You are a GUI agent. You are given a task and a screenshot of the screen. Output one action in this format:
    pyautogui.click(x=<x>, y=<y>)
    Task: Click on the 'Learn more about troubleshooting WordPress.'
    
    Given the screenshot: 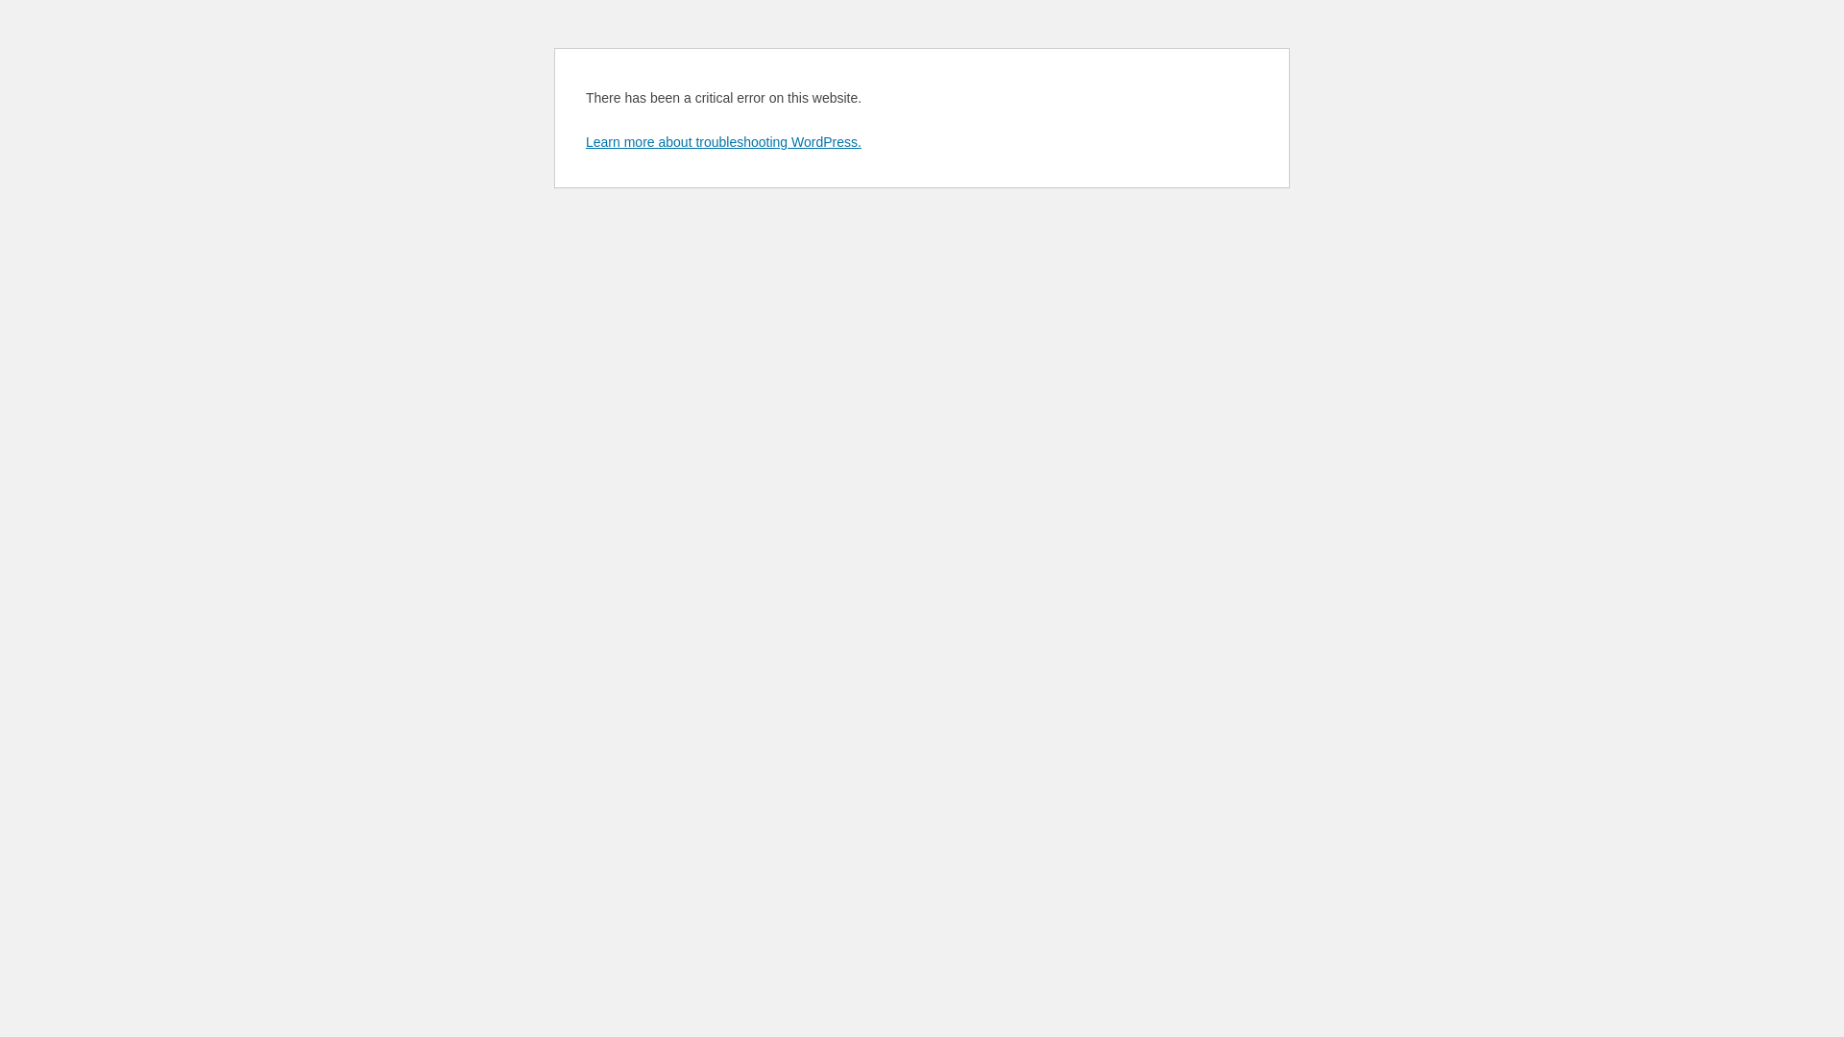 What is the action you would take?
    pyautogui.click(x=722, y=140)
    